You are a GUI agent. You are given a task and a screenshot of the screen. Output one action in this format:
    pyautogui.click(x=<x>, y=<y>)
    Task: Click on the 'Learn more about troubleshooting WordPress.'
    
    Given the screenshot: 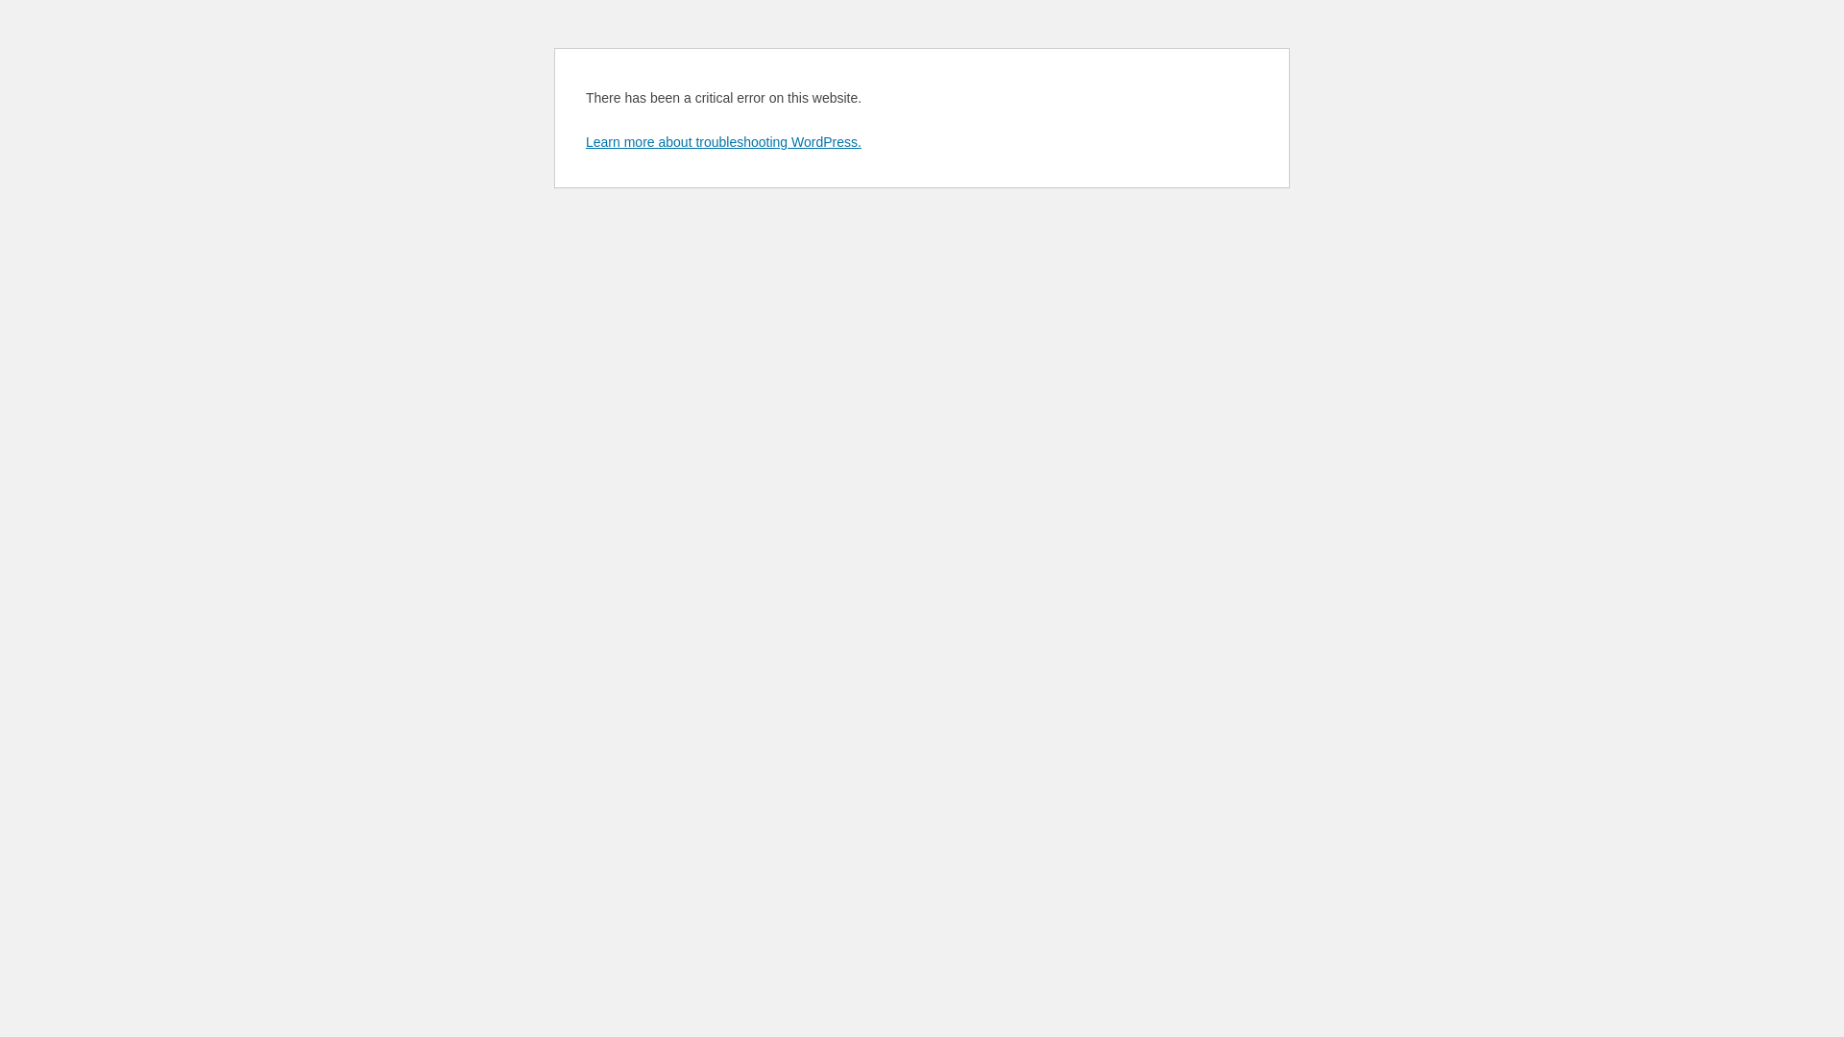 What is the action you would take?
    pyautogui.click(x=722, y=140)
    